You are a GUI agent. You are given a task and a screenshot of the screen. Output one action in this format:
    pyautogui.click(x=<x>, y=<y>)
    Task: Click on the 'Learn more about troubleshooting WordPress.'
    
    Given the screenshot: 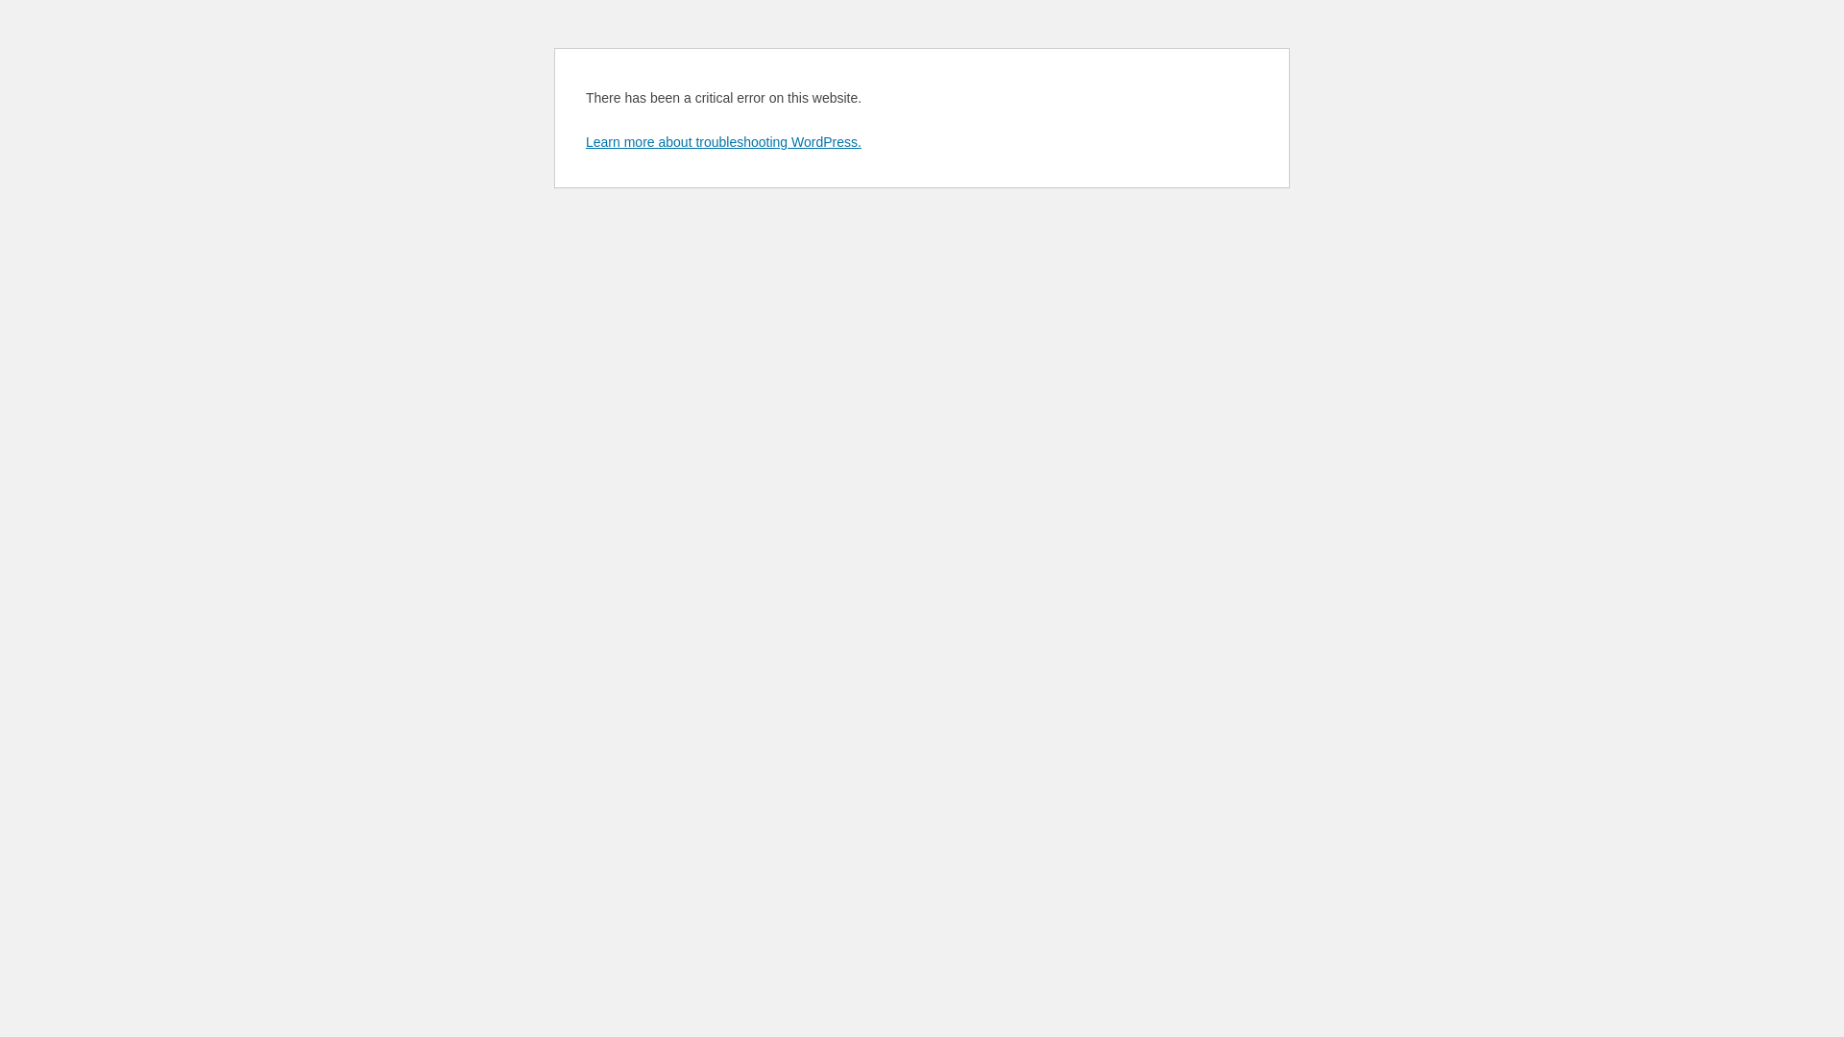 What is the action you would take?
    pyautogui.click(x=722, y=140)
    